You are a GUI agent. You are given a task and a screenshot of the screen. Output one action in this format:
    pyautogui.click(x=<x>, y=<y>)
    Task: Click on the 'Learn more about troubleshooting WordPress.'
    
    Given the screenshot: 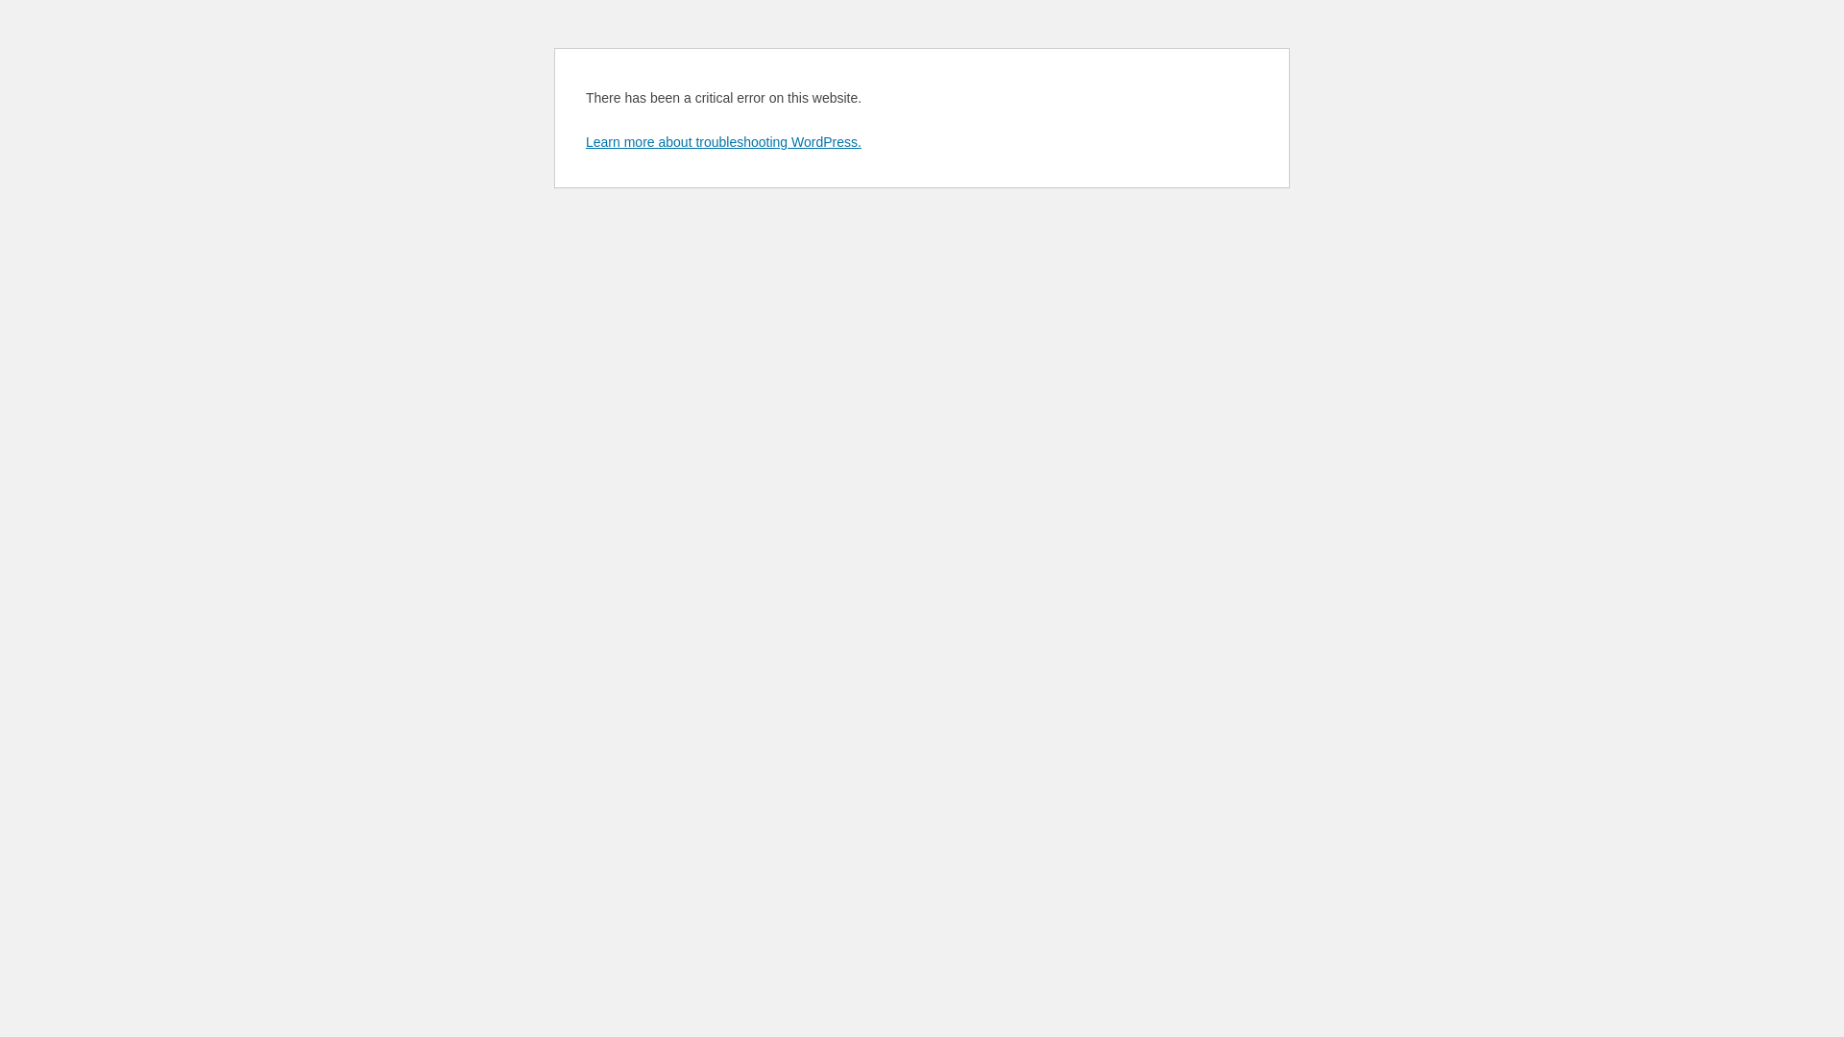 What is the action you would take?
    pyautogui.click(x=722, y=140)
    